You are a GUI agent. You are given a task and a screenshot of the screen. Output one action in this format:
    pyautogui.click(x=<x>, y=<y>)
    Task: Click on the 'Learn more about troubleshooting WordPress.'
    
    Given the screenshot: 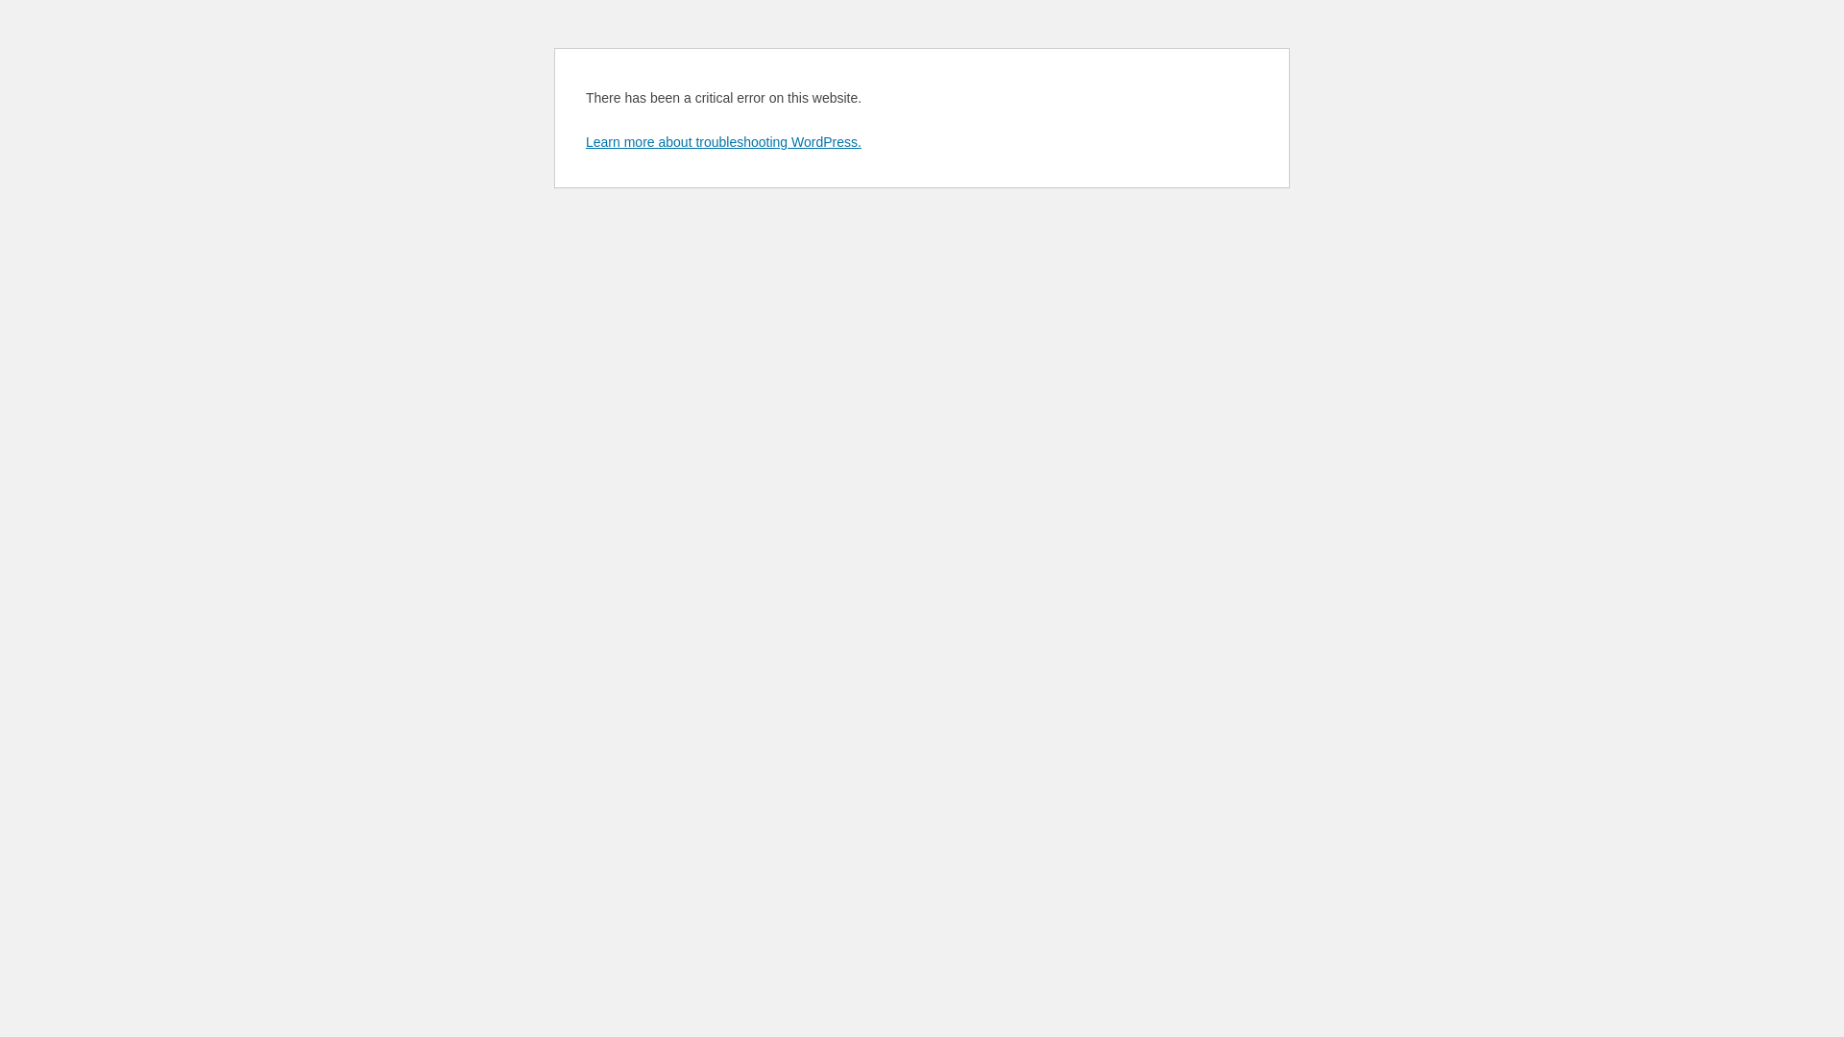 What is the action you would take?
    pyautogui.click(x=722, y=140)
    